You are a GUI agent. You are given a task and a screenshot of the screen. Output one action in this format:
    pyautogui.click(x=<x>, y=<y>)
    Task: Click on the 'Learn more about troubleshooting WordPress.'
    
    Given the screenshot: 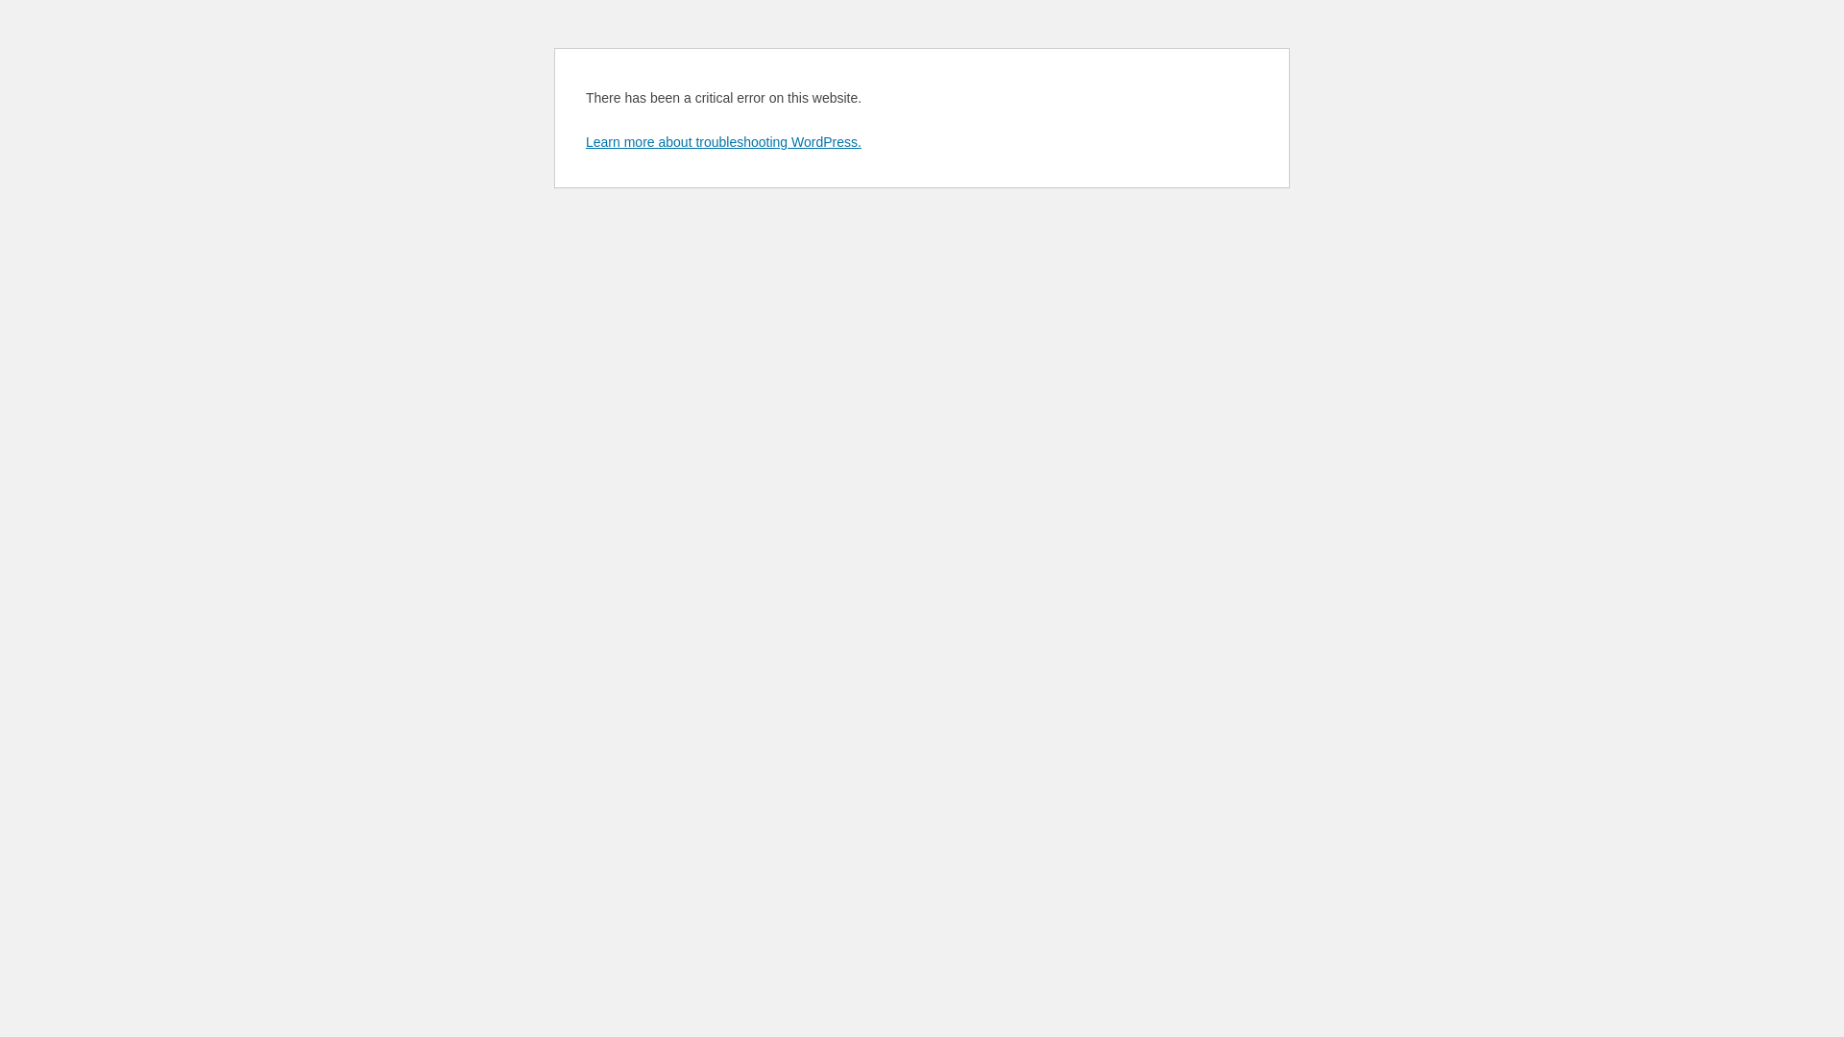 What is the action you would take?
    pyautogui.click(x=722, y=140)
    